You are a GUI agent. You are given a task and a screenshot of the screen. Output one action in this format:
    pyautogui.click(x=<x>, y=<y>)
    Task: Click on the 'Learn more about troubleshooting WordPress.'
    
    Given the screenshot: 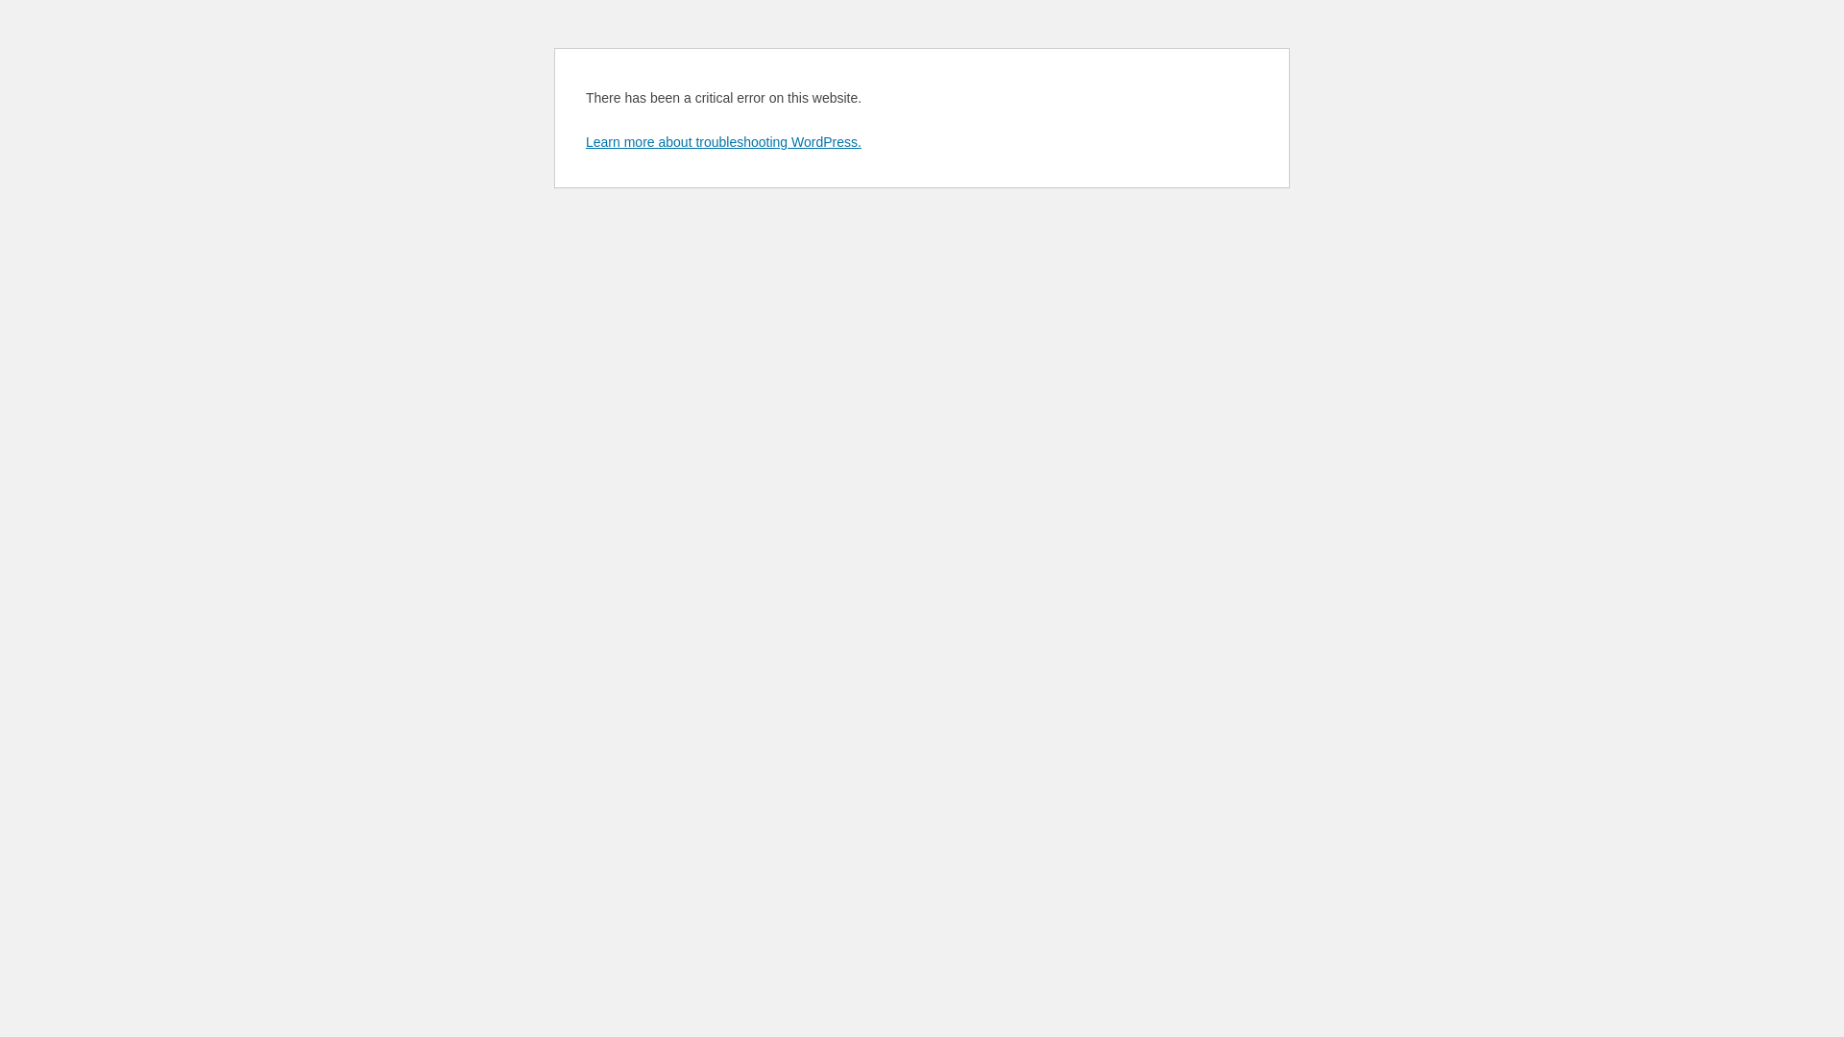 What is the action you would take?
    pyautogui.click(x=722, y=140)
    